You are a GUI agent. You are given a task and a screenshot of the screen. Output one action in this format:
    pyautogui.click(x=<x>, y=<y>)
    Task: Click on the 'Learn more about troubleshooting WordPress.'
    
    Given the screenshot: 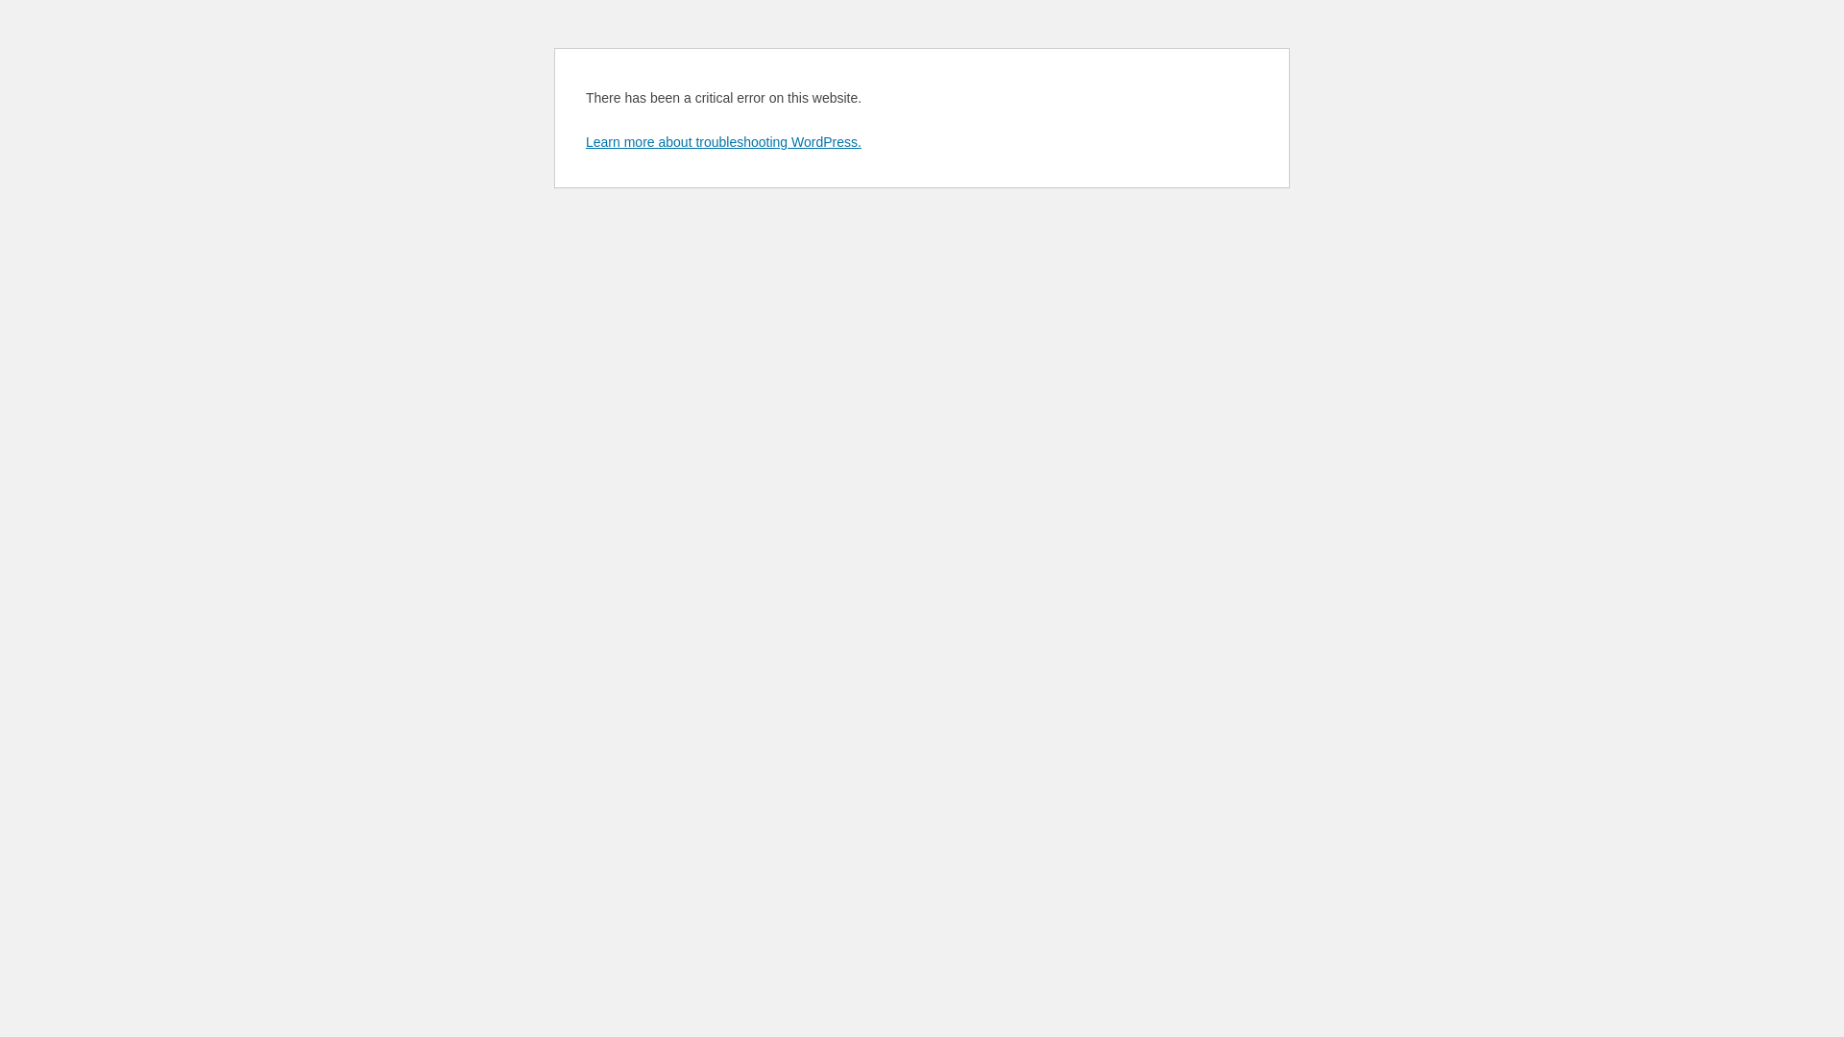 What is the action you would take?
    pyautogui.click(x=722, y=140)
    